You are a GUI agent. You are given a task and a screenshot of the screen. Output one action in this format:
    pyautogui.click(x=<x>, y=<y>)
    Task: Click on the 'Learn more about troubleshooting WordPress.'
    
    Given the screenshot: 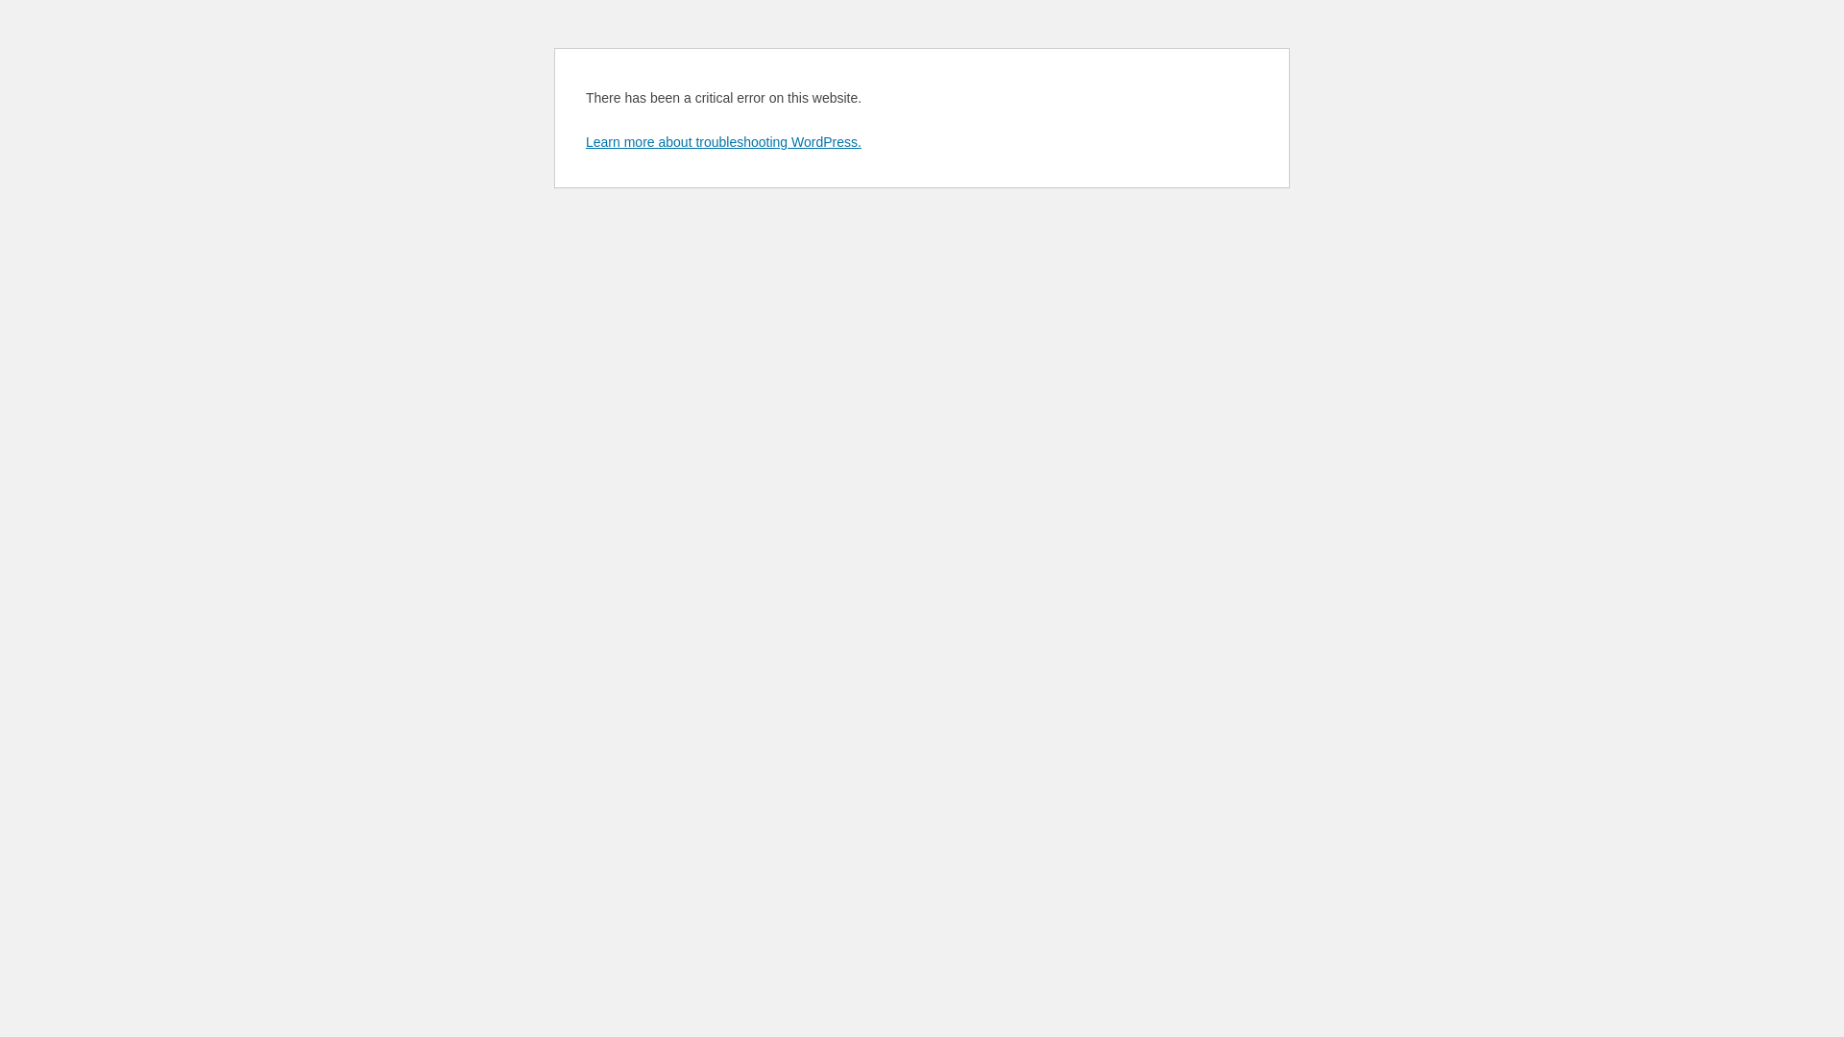 What is the action you would take?
    pyautogui.click(x=722, y=140)
    